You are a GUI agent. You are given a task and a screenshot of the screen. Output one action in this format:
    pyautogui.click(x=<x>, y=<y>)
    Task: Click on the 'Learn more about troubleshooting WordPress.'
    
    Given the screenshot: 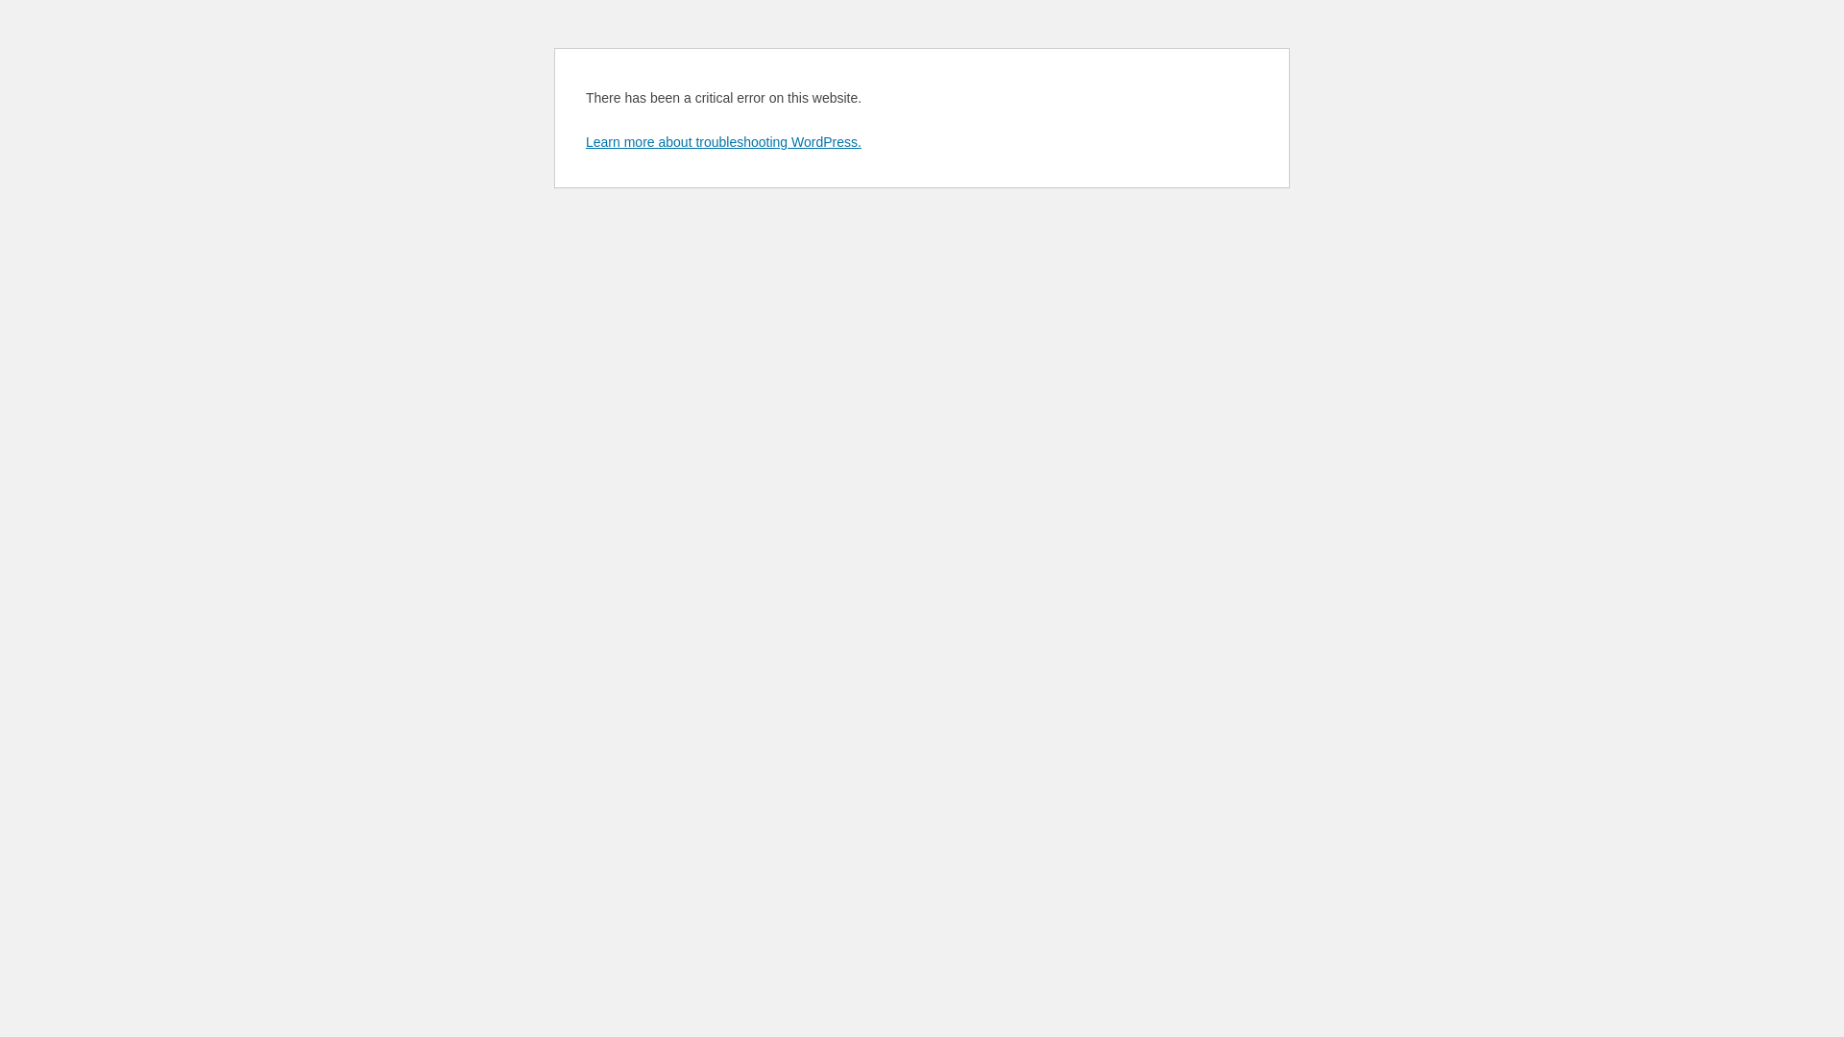 What is the action you would take?
    pyautogui.click(x=722, y=140)
    